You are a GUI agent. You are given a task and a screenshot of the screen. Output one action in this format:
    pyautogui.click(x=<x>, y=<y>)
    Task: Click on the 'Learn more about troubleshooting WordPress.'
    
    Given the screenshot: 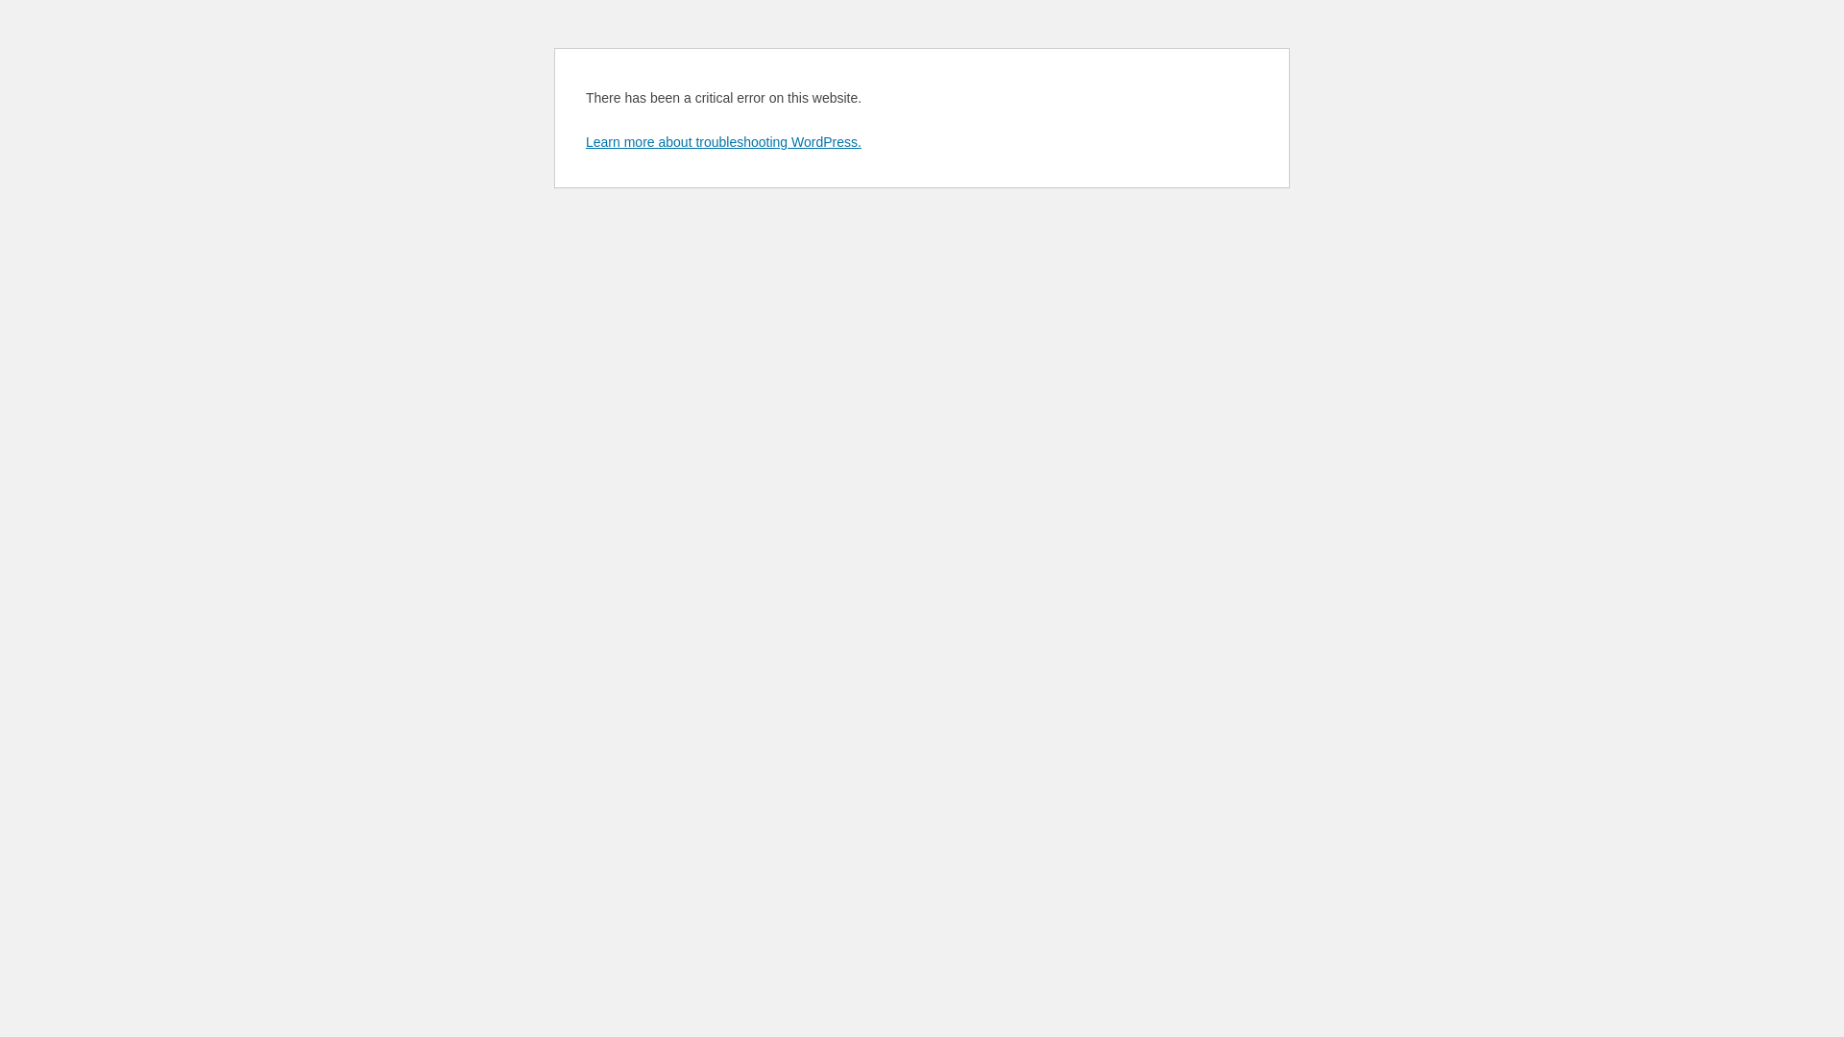 What is the action you would take?
    pyautogui.click(x=722, y=140)
    